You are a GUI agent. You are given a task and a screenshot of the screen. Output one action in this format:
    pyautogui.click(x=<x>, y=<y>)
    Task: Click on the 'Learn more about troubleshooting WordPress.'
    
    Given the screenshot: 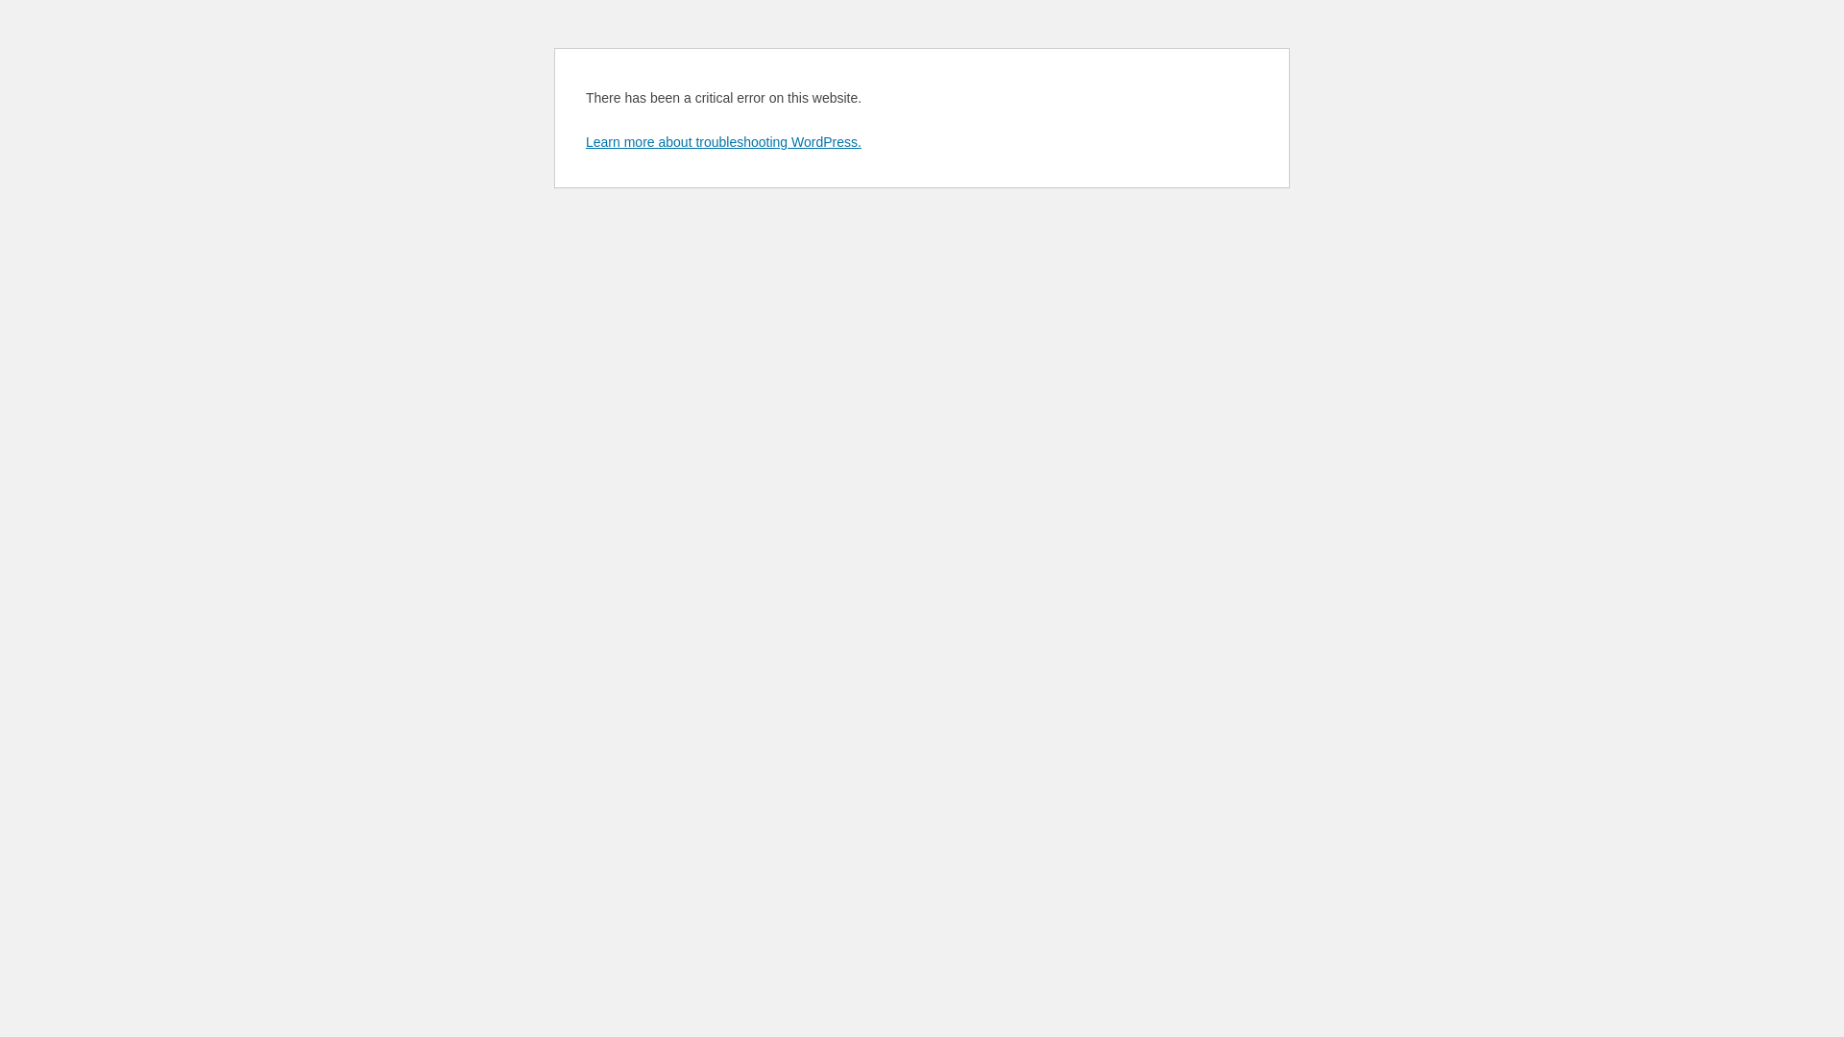 What is the action you would take?
    pyautogui.click(x=722, y=140)
    